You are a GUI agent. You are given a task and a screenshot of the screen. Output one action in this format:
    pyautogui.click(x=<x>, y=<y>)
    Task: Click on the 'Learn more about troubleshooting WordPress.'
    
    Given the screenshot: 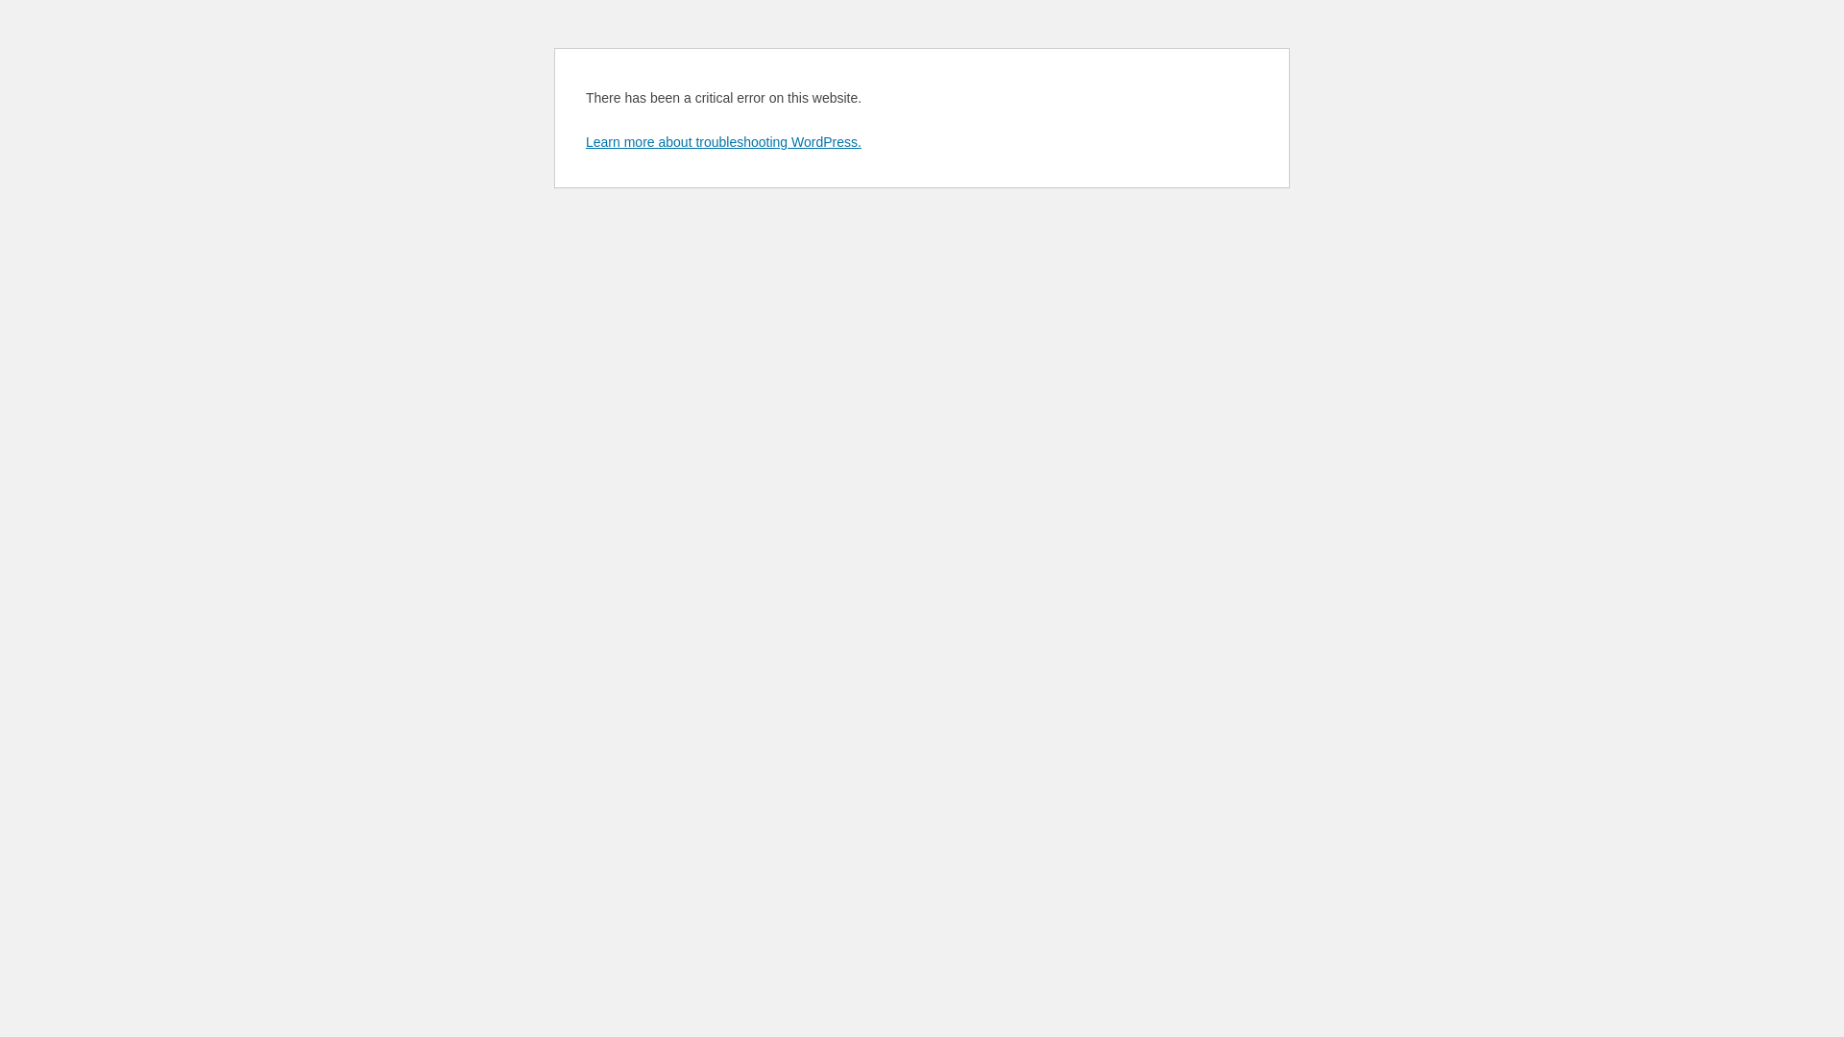 What is the action you would take?
    pyautogui.click(x=722, y=140)
    